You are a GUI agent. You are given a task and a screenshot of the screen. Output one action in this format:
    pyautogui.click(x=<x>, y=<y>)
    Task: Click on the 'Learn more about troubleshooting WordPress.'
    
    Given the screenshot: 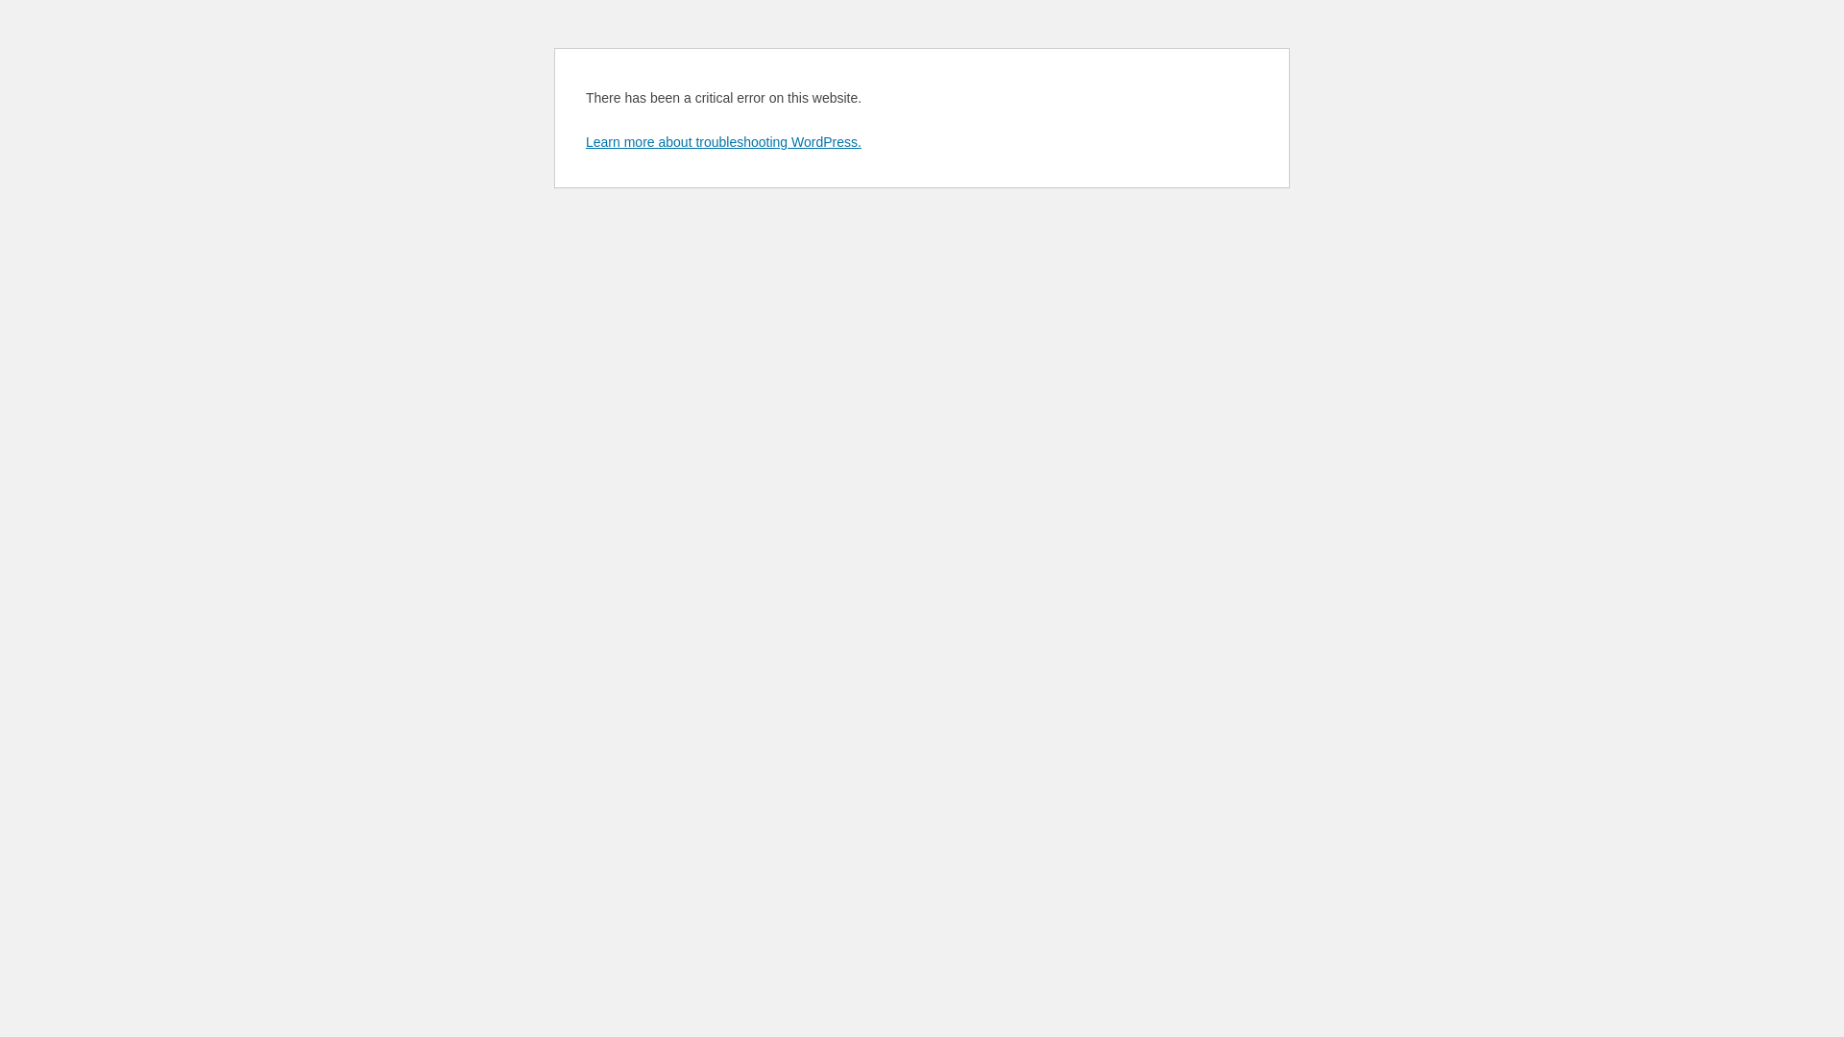 What is the action you would take?
    pyautogui.click(x=722, y=140)
    